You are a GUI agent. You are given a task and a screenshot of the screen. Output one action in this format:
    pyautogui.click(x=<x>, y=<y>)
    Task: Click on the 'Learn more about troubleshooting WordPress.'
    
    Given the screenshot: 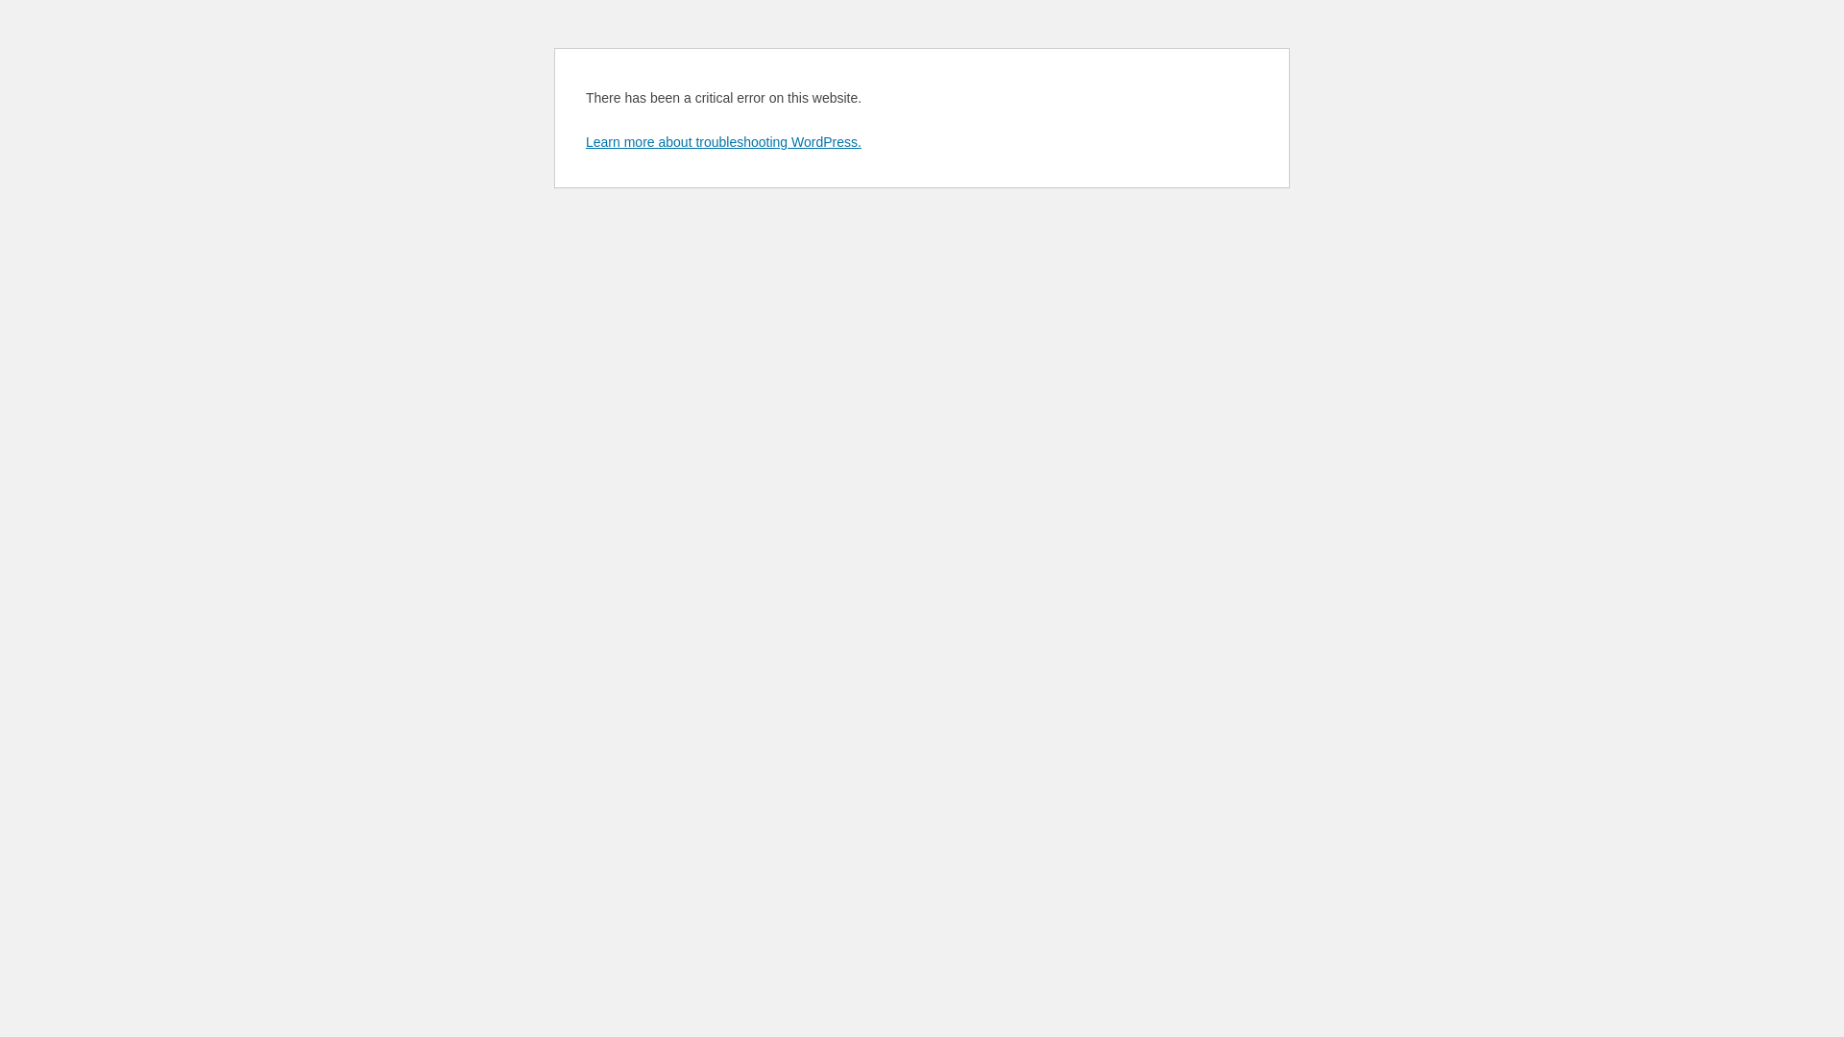 What is the action you would take?
    pyautogui.click(x=722, y=140)
    